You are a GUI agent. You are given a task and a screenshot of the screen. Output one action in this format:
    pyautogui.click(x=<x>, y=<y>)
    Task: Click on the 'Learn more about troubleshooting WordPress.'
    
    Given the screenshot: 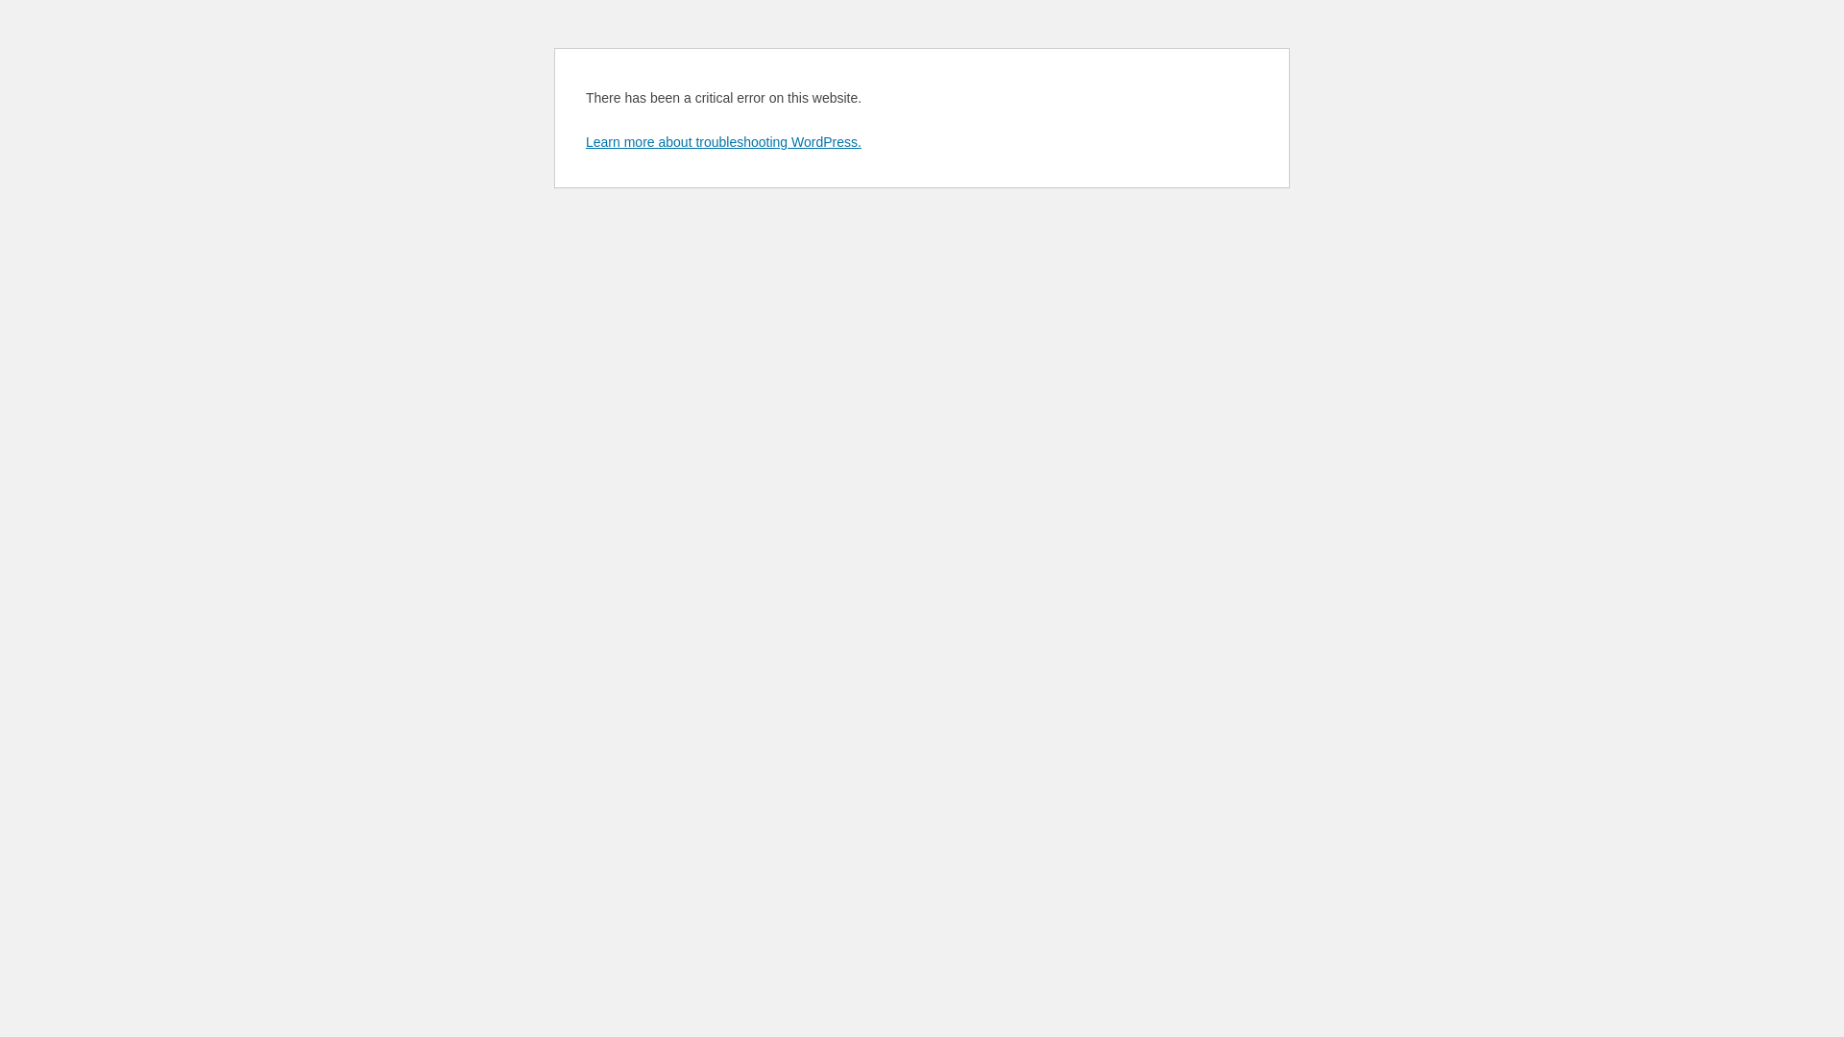 What is the action you would take?
    pyautogui.click(x=722, y=140)
    